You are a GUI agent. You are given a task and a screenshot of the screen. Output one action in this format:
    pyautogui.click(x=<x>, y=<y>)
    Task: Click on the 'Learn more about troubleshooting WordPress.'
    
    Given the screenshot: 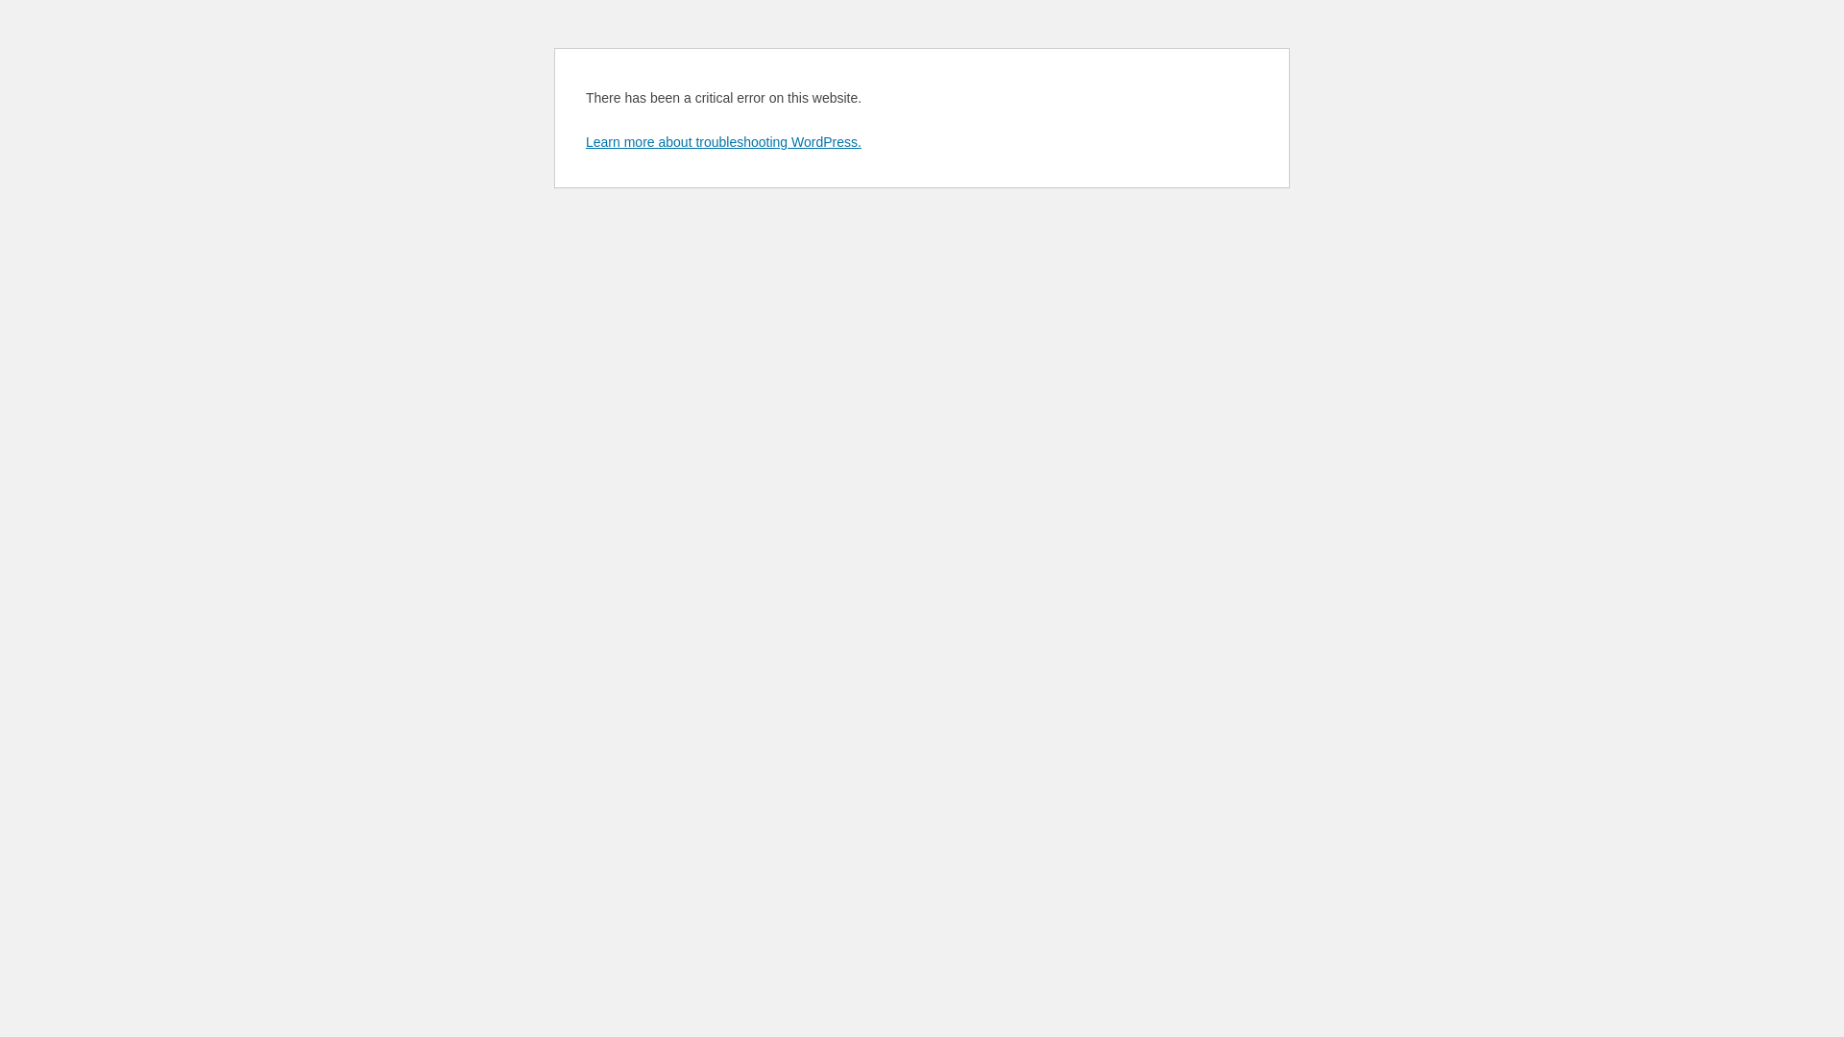 What is the action you would take?
    pyautogui.click(x=722, y=140)
    